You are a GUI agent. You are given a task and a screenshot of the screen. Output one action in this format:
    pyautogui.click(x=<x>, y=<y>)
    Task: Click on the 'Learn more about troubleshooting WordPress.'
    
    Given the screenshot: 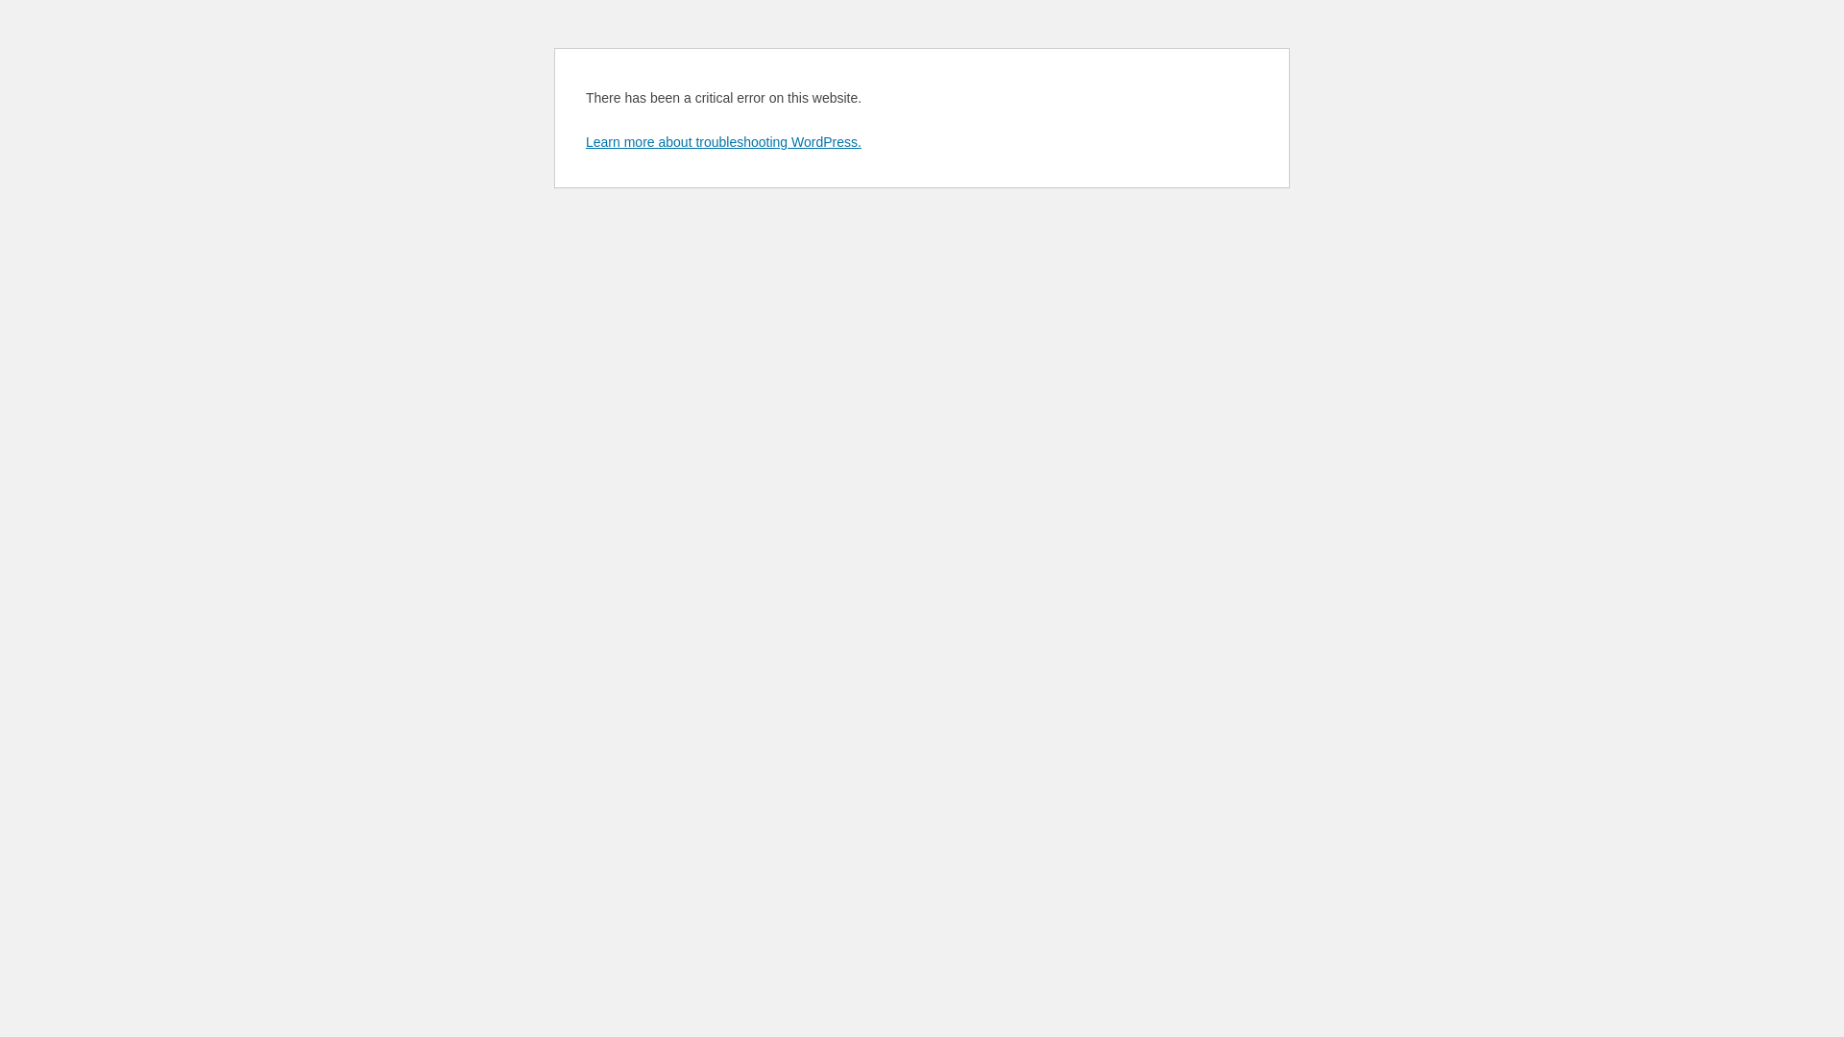 What is the action you would take?
    pyautogui.click(x=722, y=140)
    